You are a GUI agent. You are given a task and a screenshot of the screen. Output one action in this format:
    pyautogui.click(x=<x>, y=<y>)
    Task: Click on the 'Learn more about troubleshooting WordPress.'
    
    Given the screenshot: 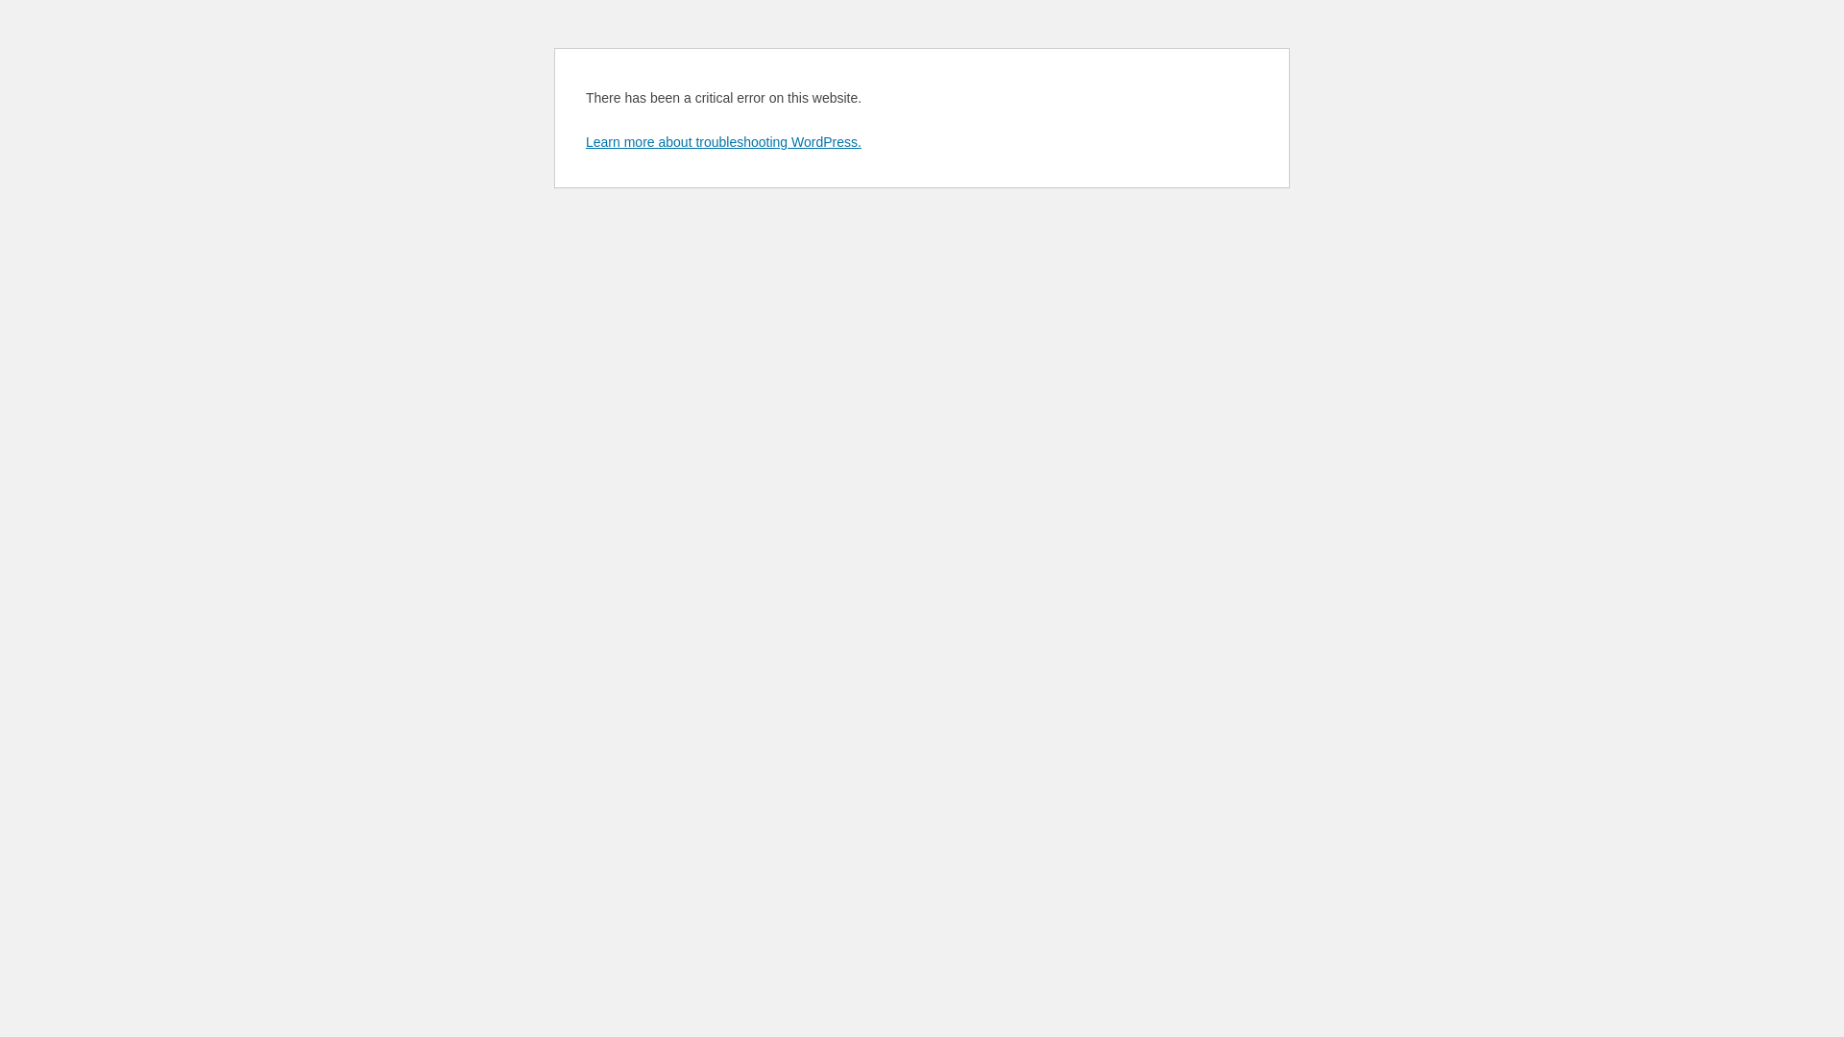 What is the action you would take?
    pyautogui.click(x=722, y=140)
    